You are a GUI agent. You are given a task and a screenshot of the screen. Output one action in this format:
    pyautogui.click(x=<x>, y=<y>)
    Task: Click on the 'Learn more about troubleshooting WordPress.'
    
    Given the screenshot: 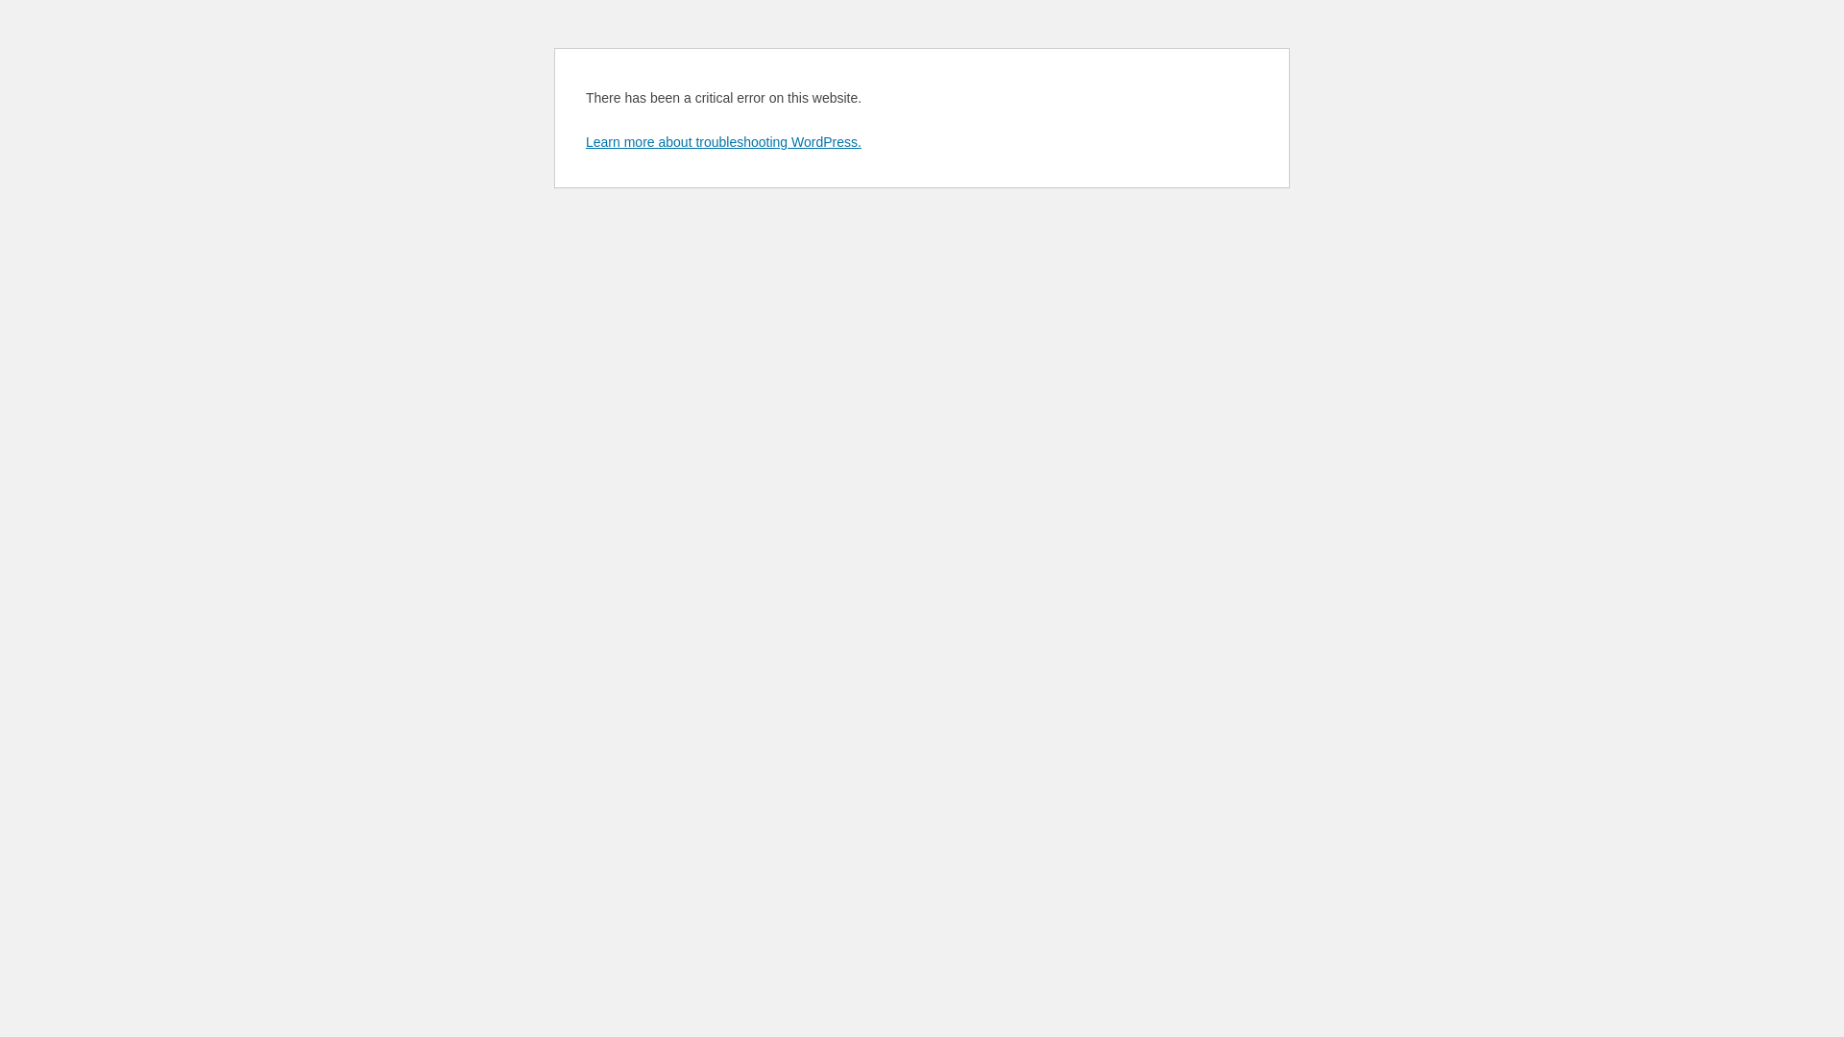 What is the action you would take?
    pyautogui.click(x=722, y=140)
    